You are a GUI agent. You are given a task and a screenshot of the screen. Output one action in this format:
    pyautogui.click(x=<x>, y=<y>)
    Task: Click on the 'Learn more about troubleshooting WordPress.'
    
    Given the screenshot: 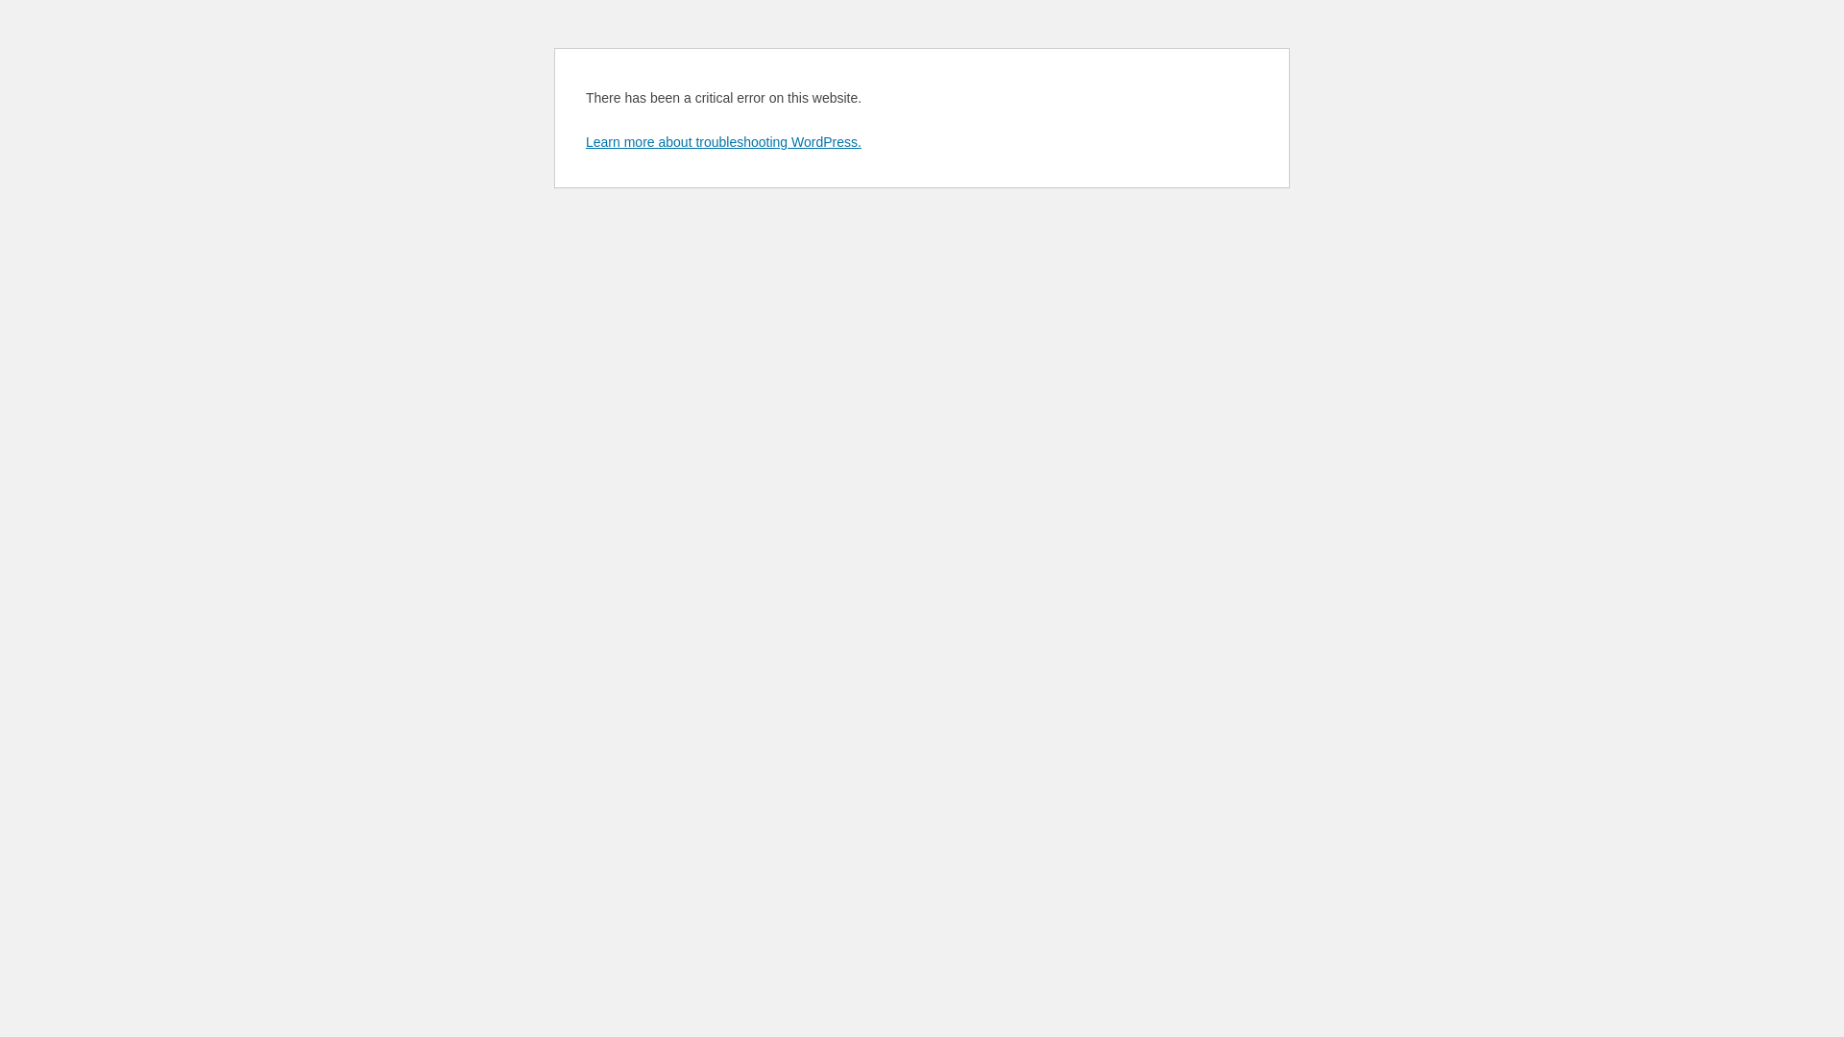 What is the action you would take?
    pyautogui.click(x=722, y=140)
    